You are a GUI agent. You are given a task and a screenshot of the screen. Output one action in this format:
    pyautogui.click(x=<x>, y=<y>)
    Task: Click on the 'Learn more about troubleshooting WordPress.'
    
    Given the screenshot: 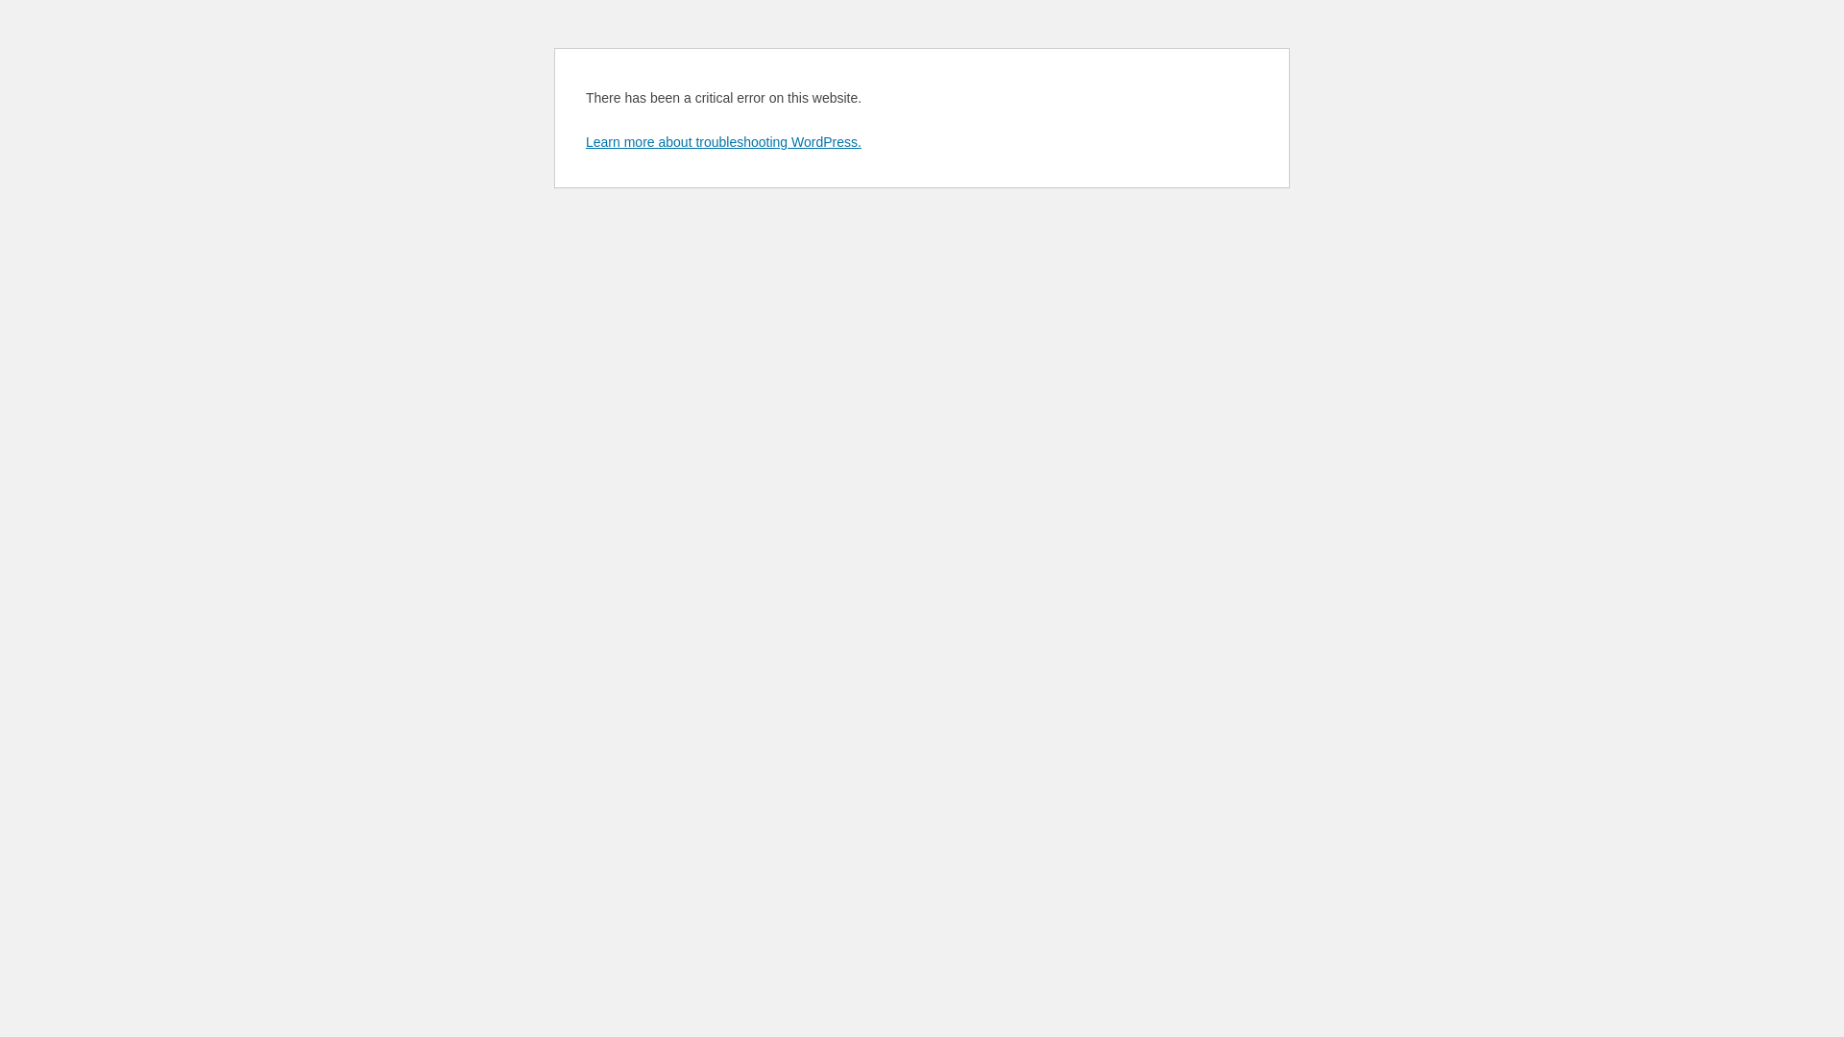 What is the action you would take?
    pyautogui.click(x=722, y=140)
    